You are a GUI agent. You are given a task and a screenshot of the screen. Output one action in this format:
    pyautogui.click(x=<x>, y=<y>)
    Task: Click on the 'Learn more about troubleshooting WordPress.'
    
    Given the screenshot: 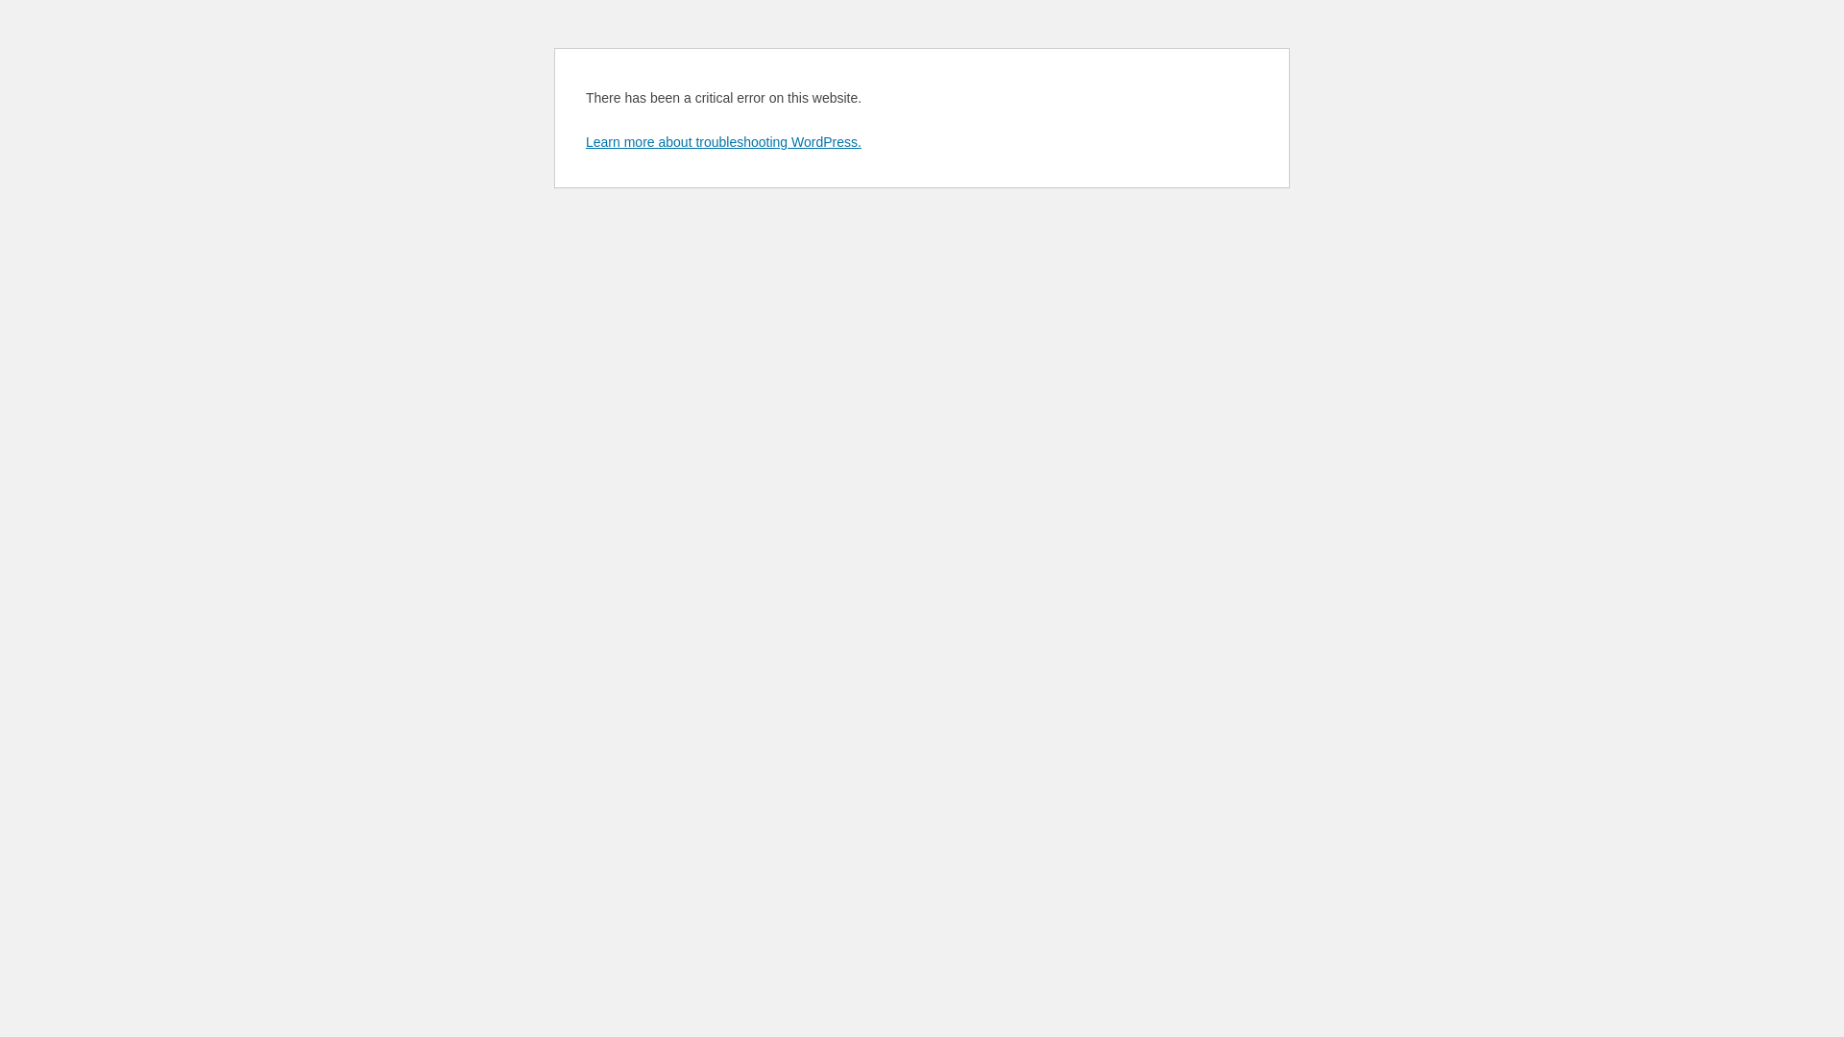 What is the action you would take?
    pyautogui.click(x=722, y=140)
    